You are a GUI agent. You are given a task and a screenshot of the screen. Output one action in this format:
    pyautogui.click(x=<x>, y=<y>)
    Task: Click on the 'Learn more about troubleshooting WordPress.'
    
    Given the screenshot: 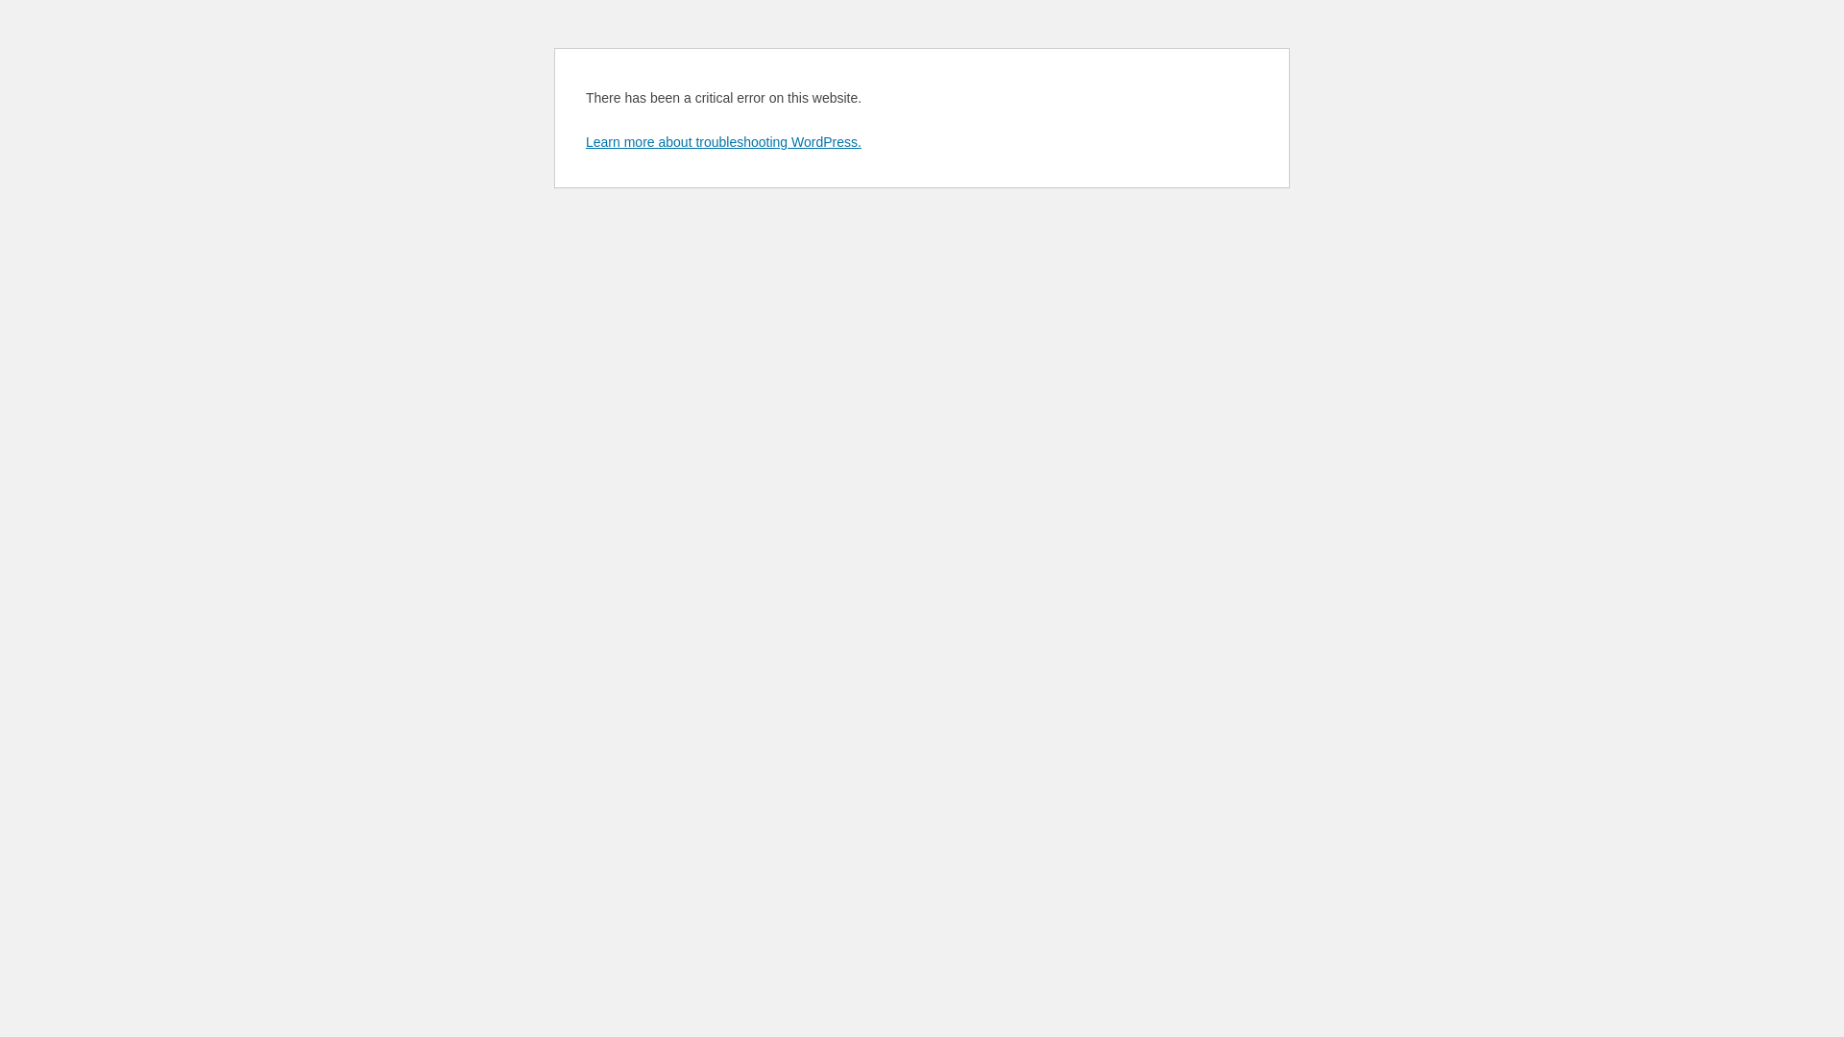 What is the action you would take?
    pyautogui.click(x=722, y=140)
    